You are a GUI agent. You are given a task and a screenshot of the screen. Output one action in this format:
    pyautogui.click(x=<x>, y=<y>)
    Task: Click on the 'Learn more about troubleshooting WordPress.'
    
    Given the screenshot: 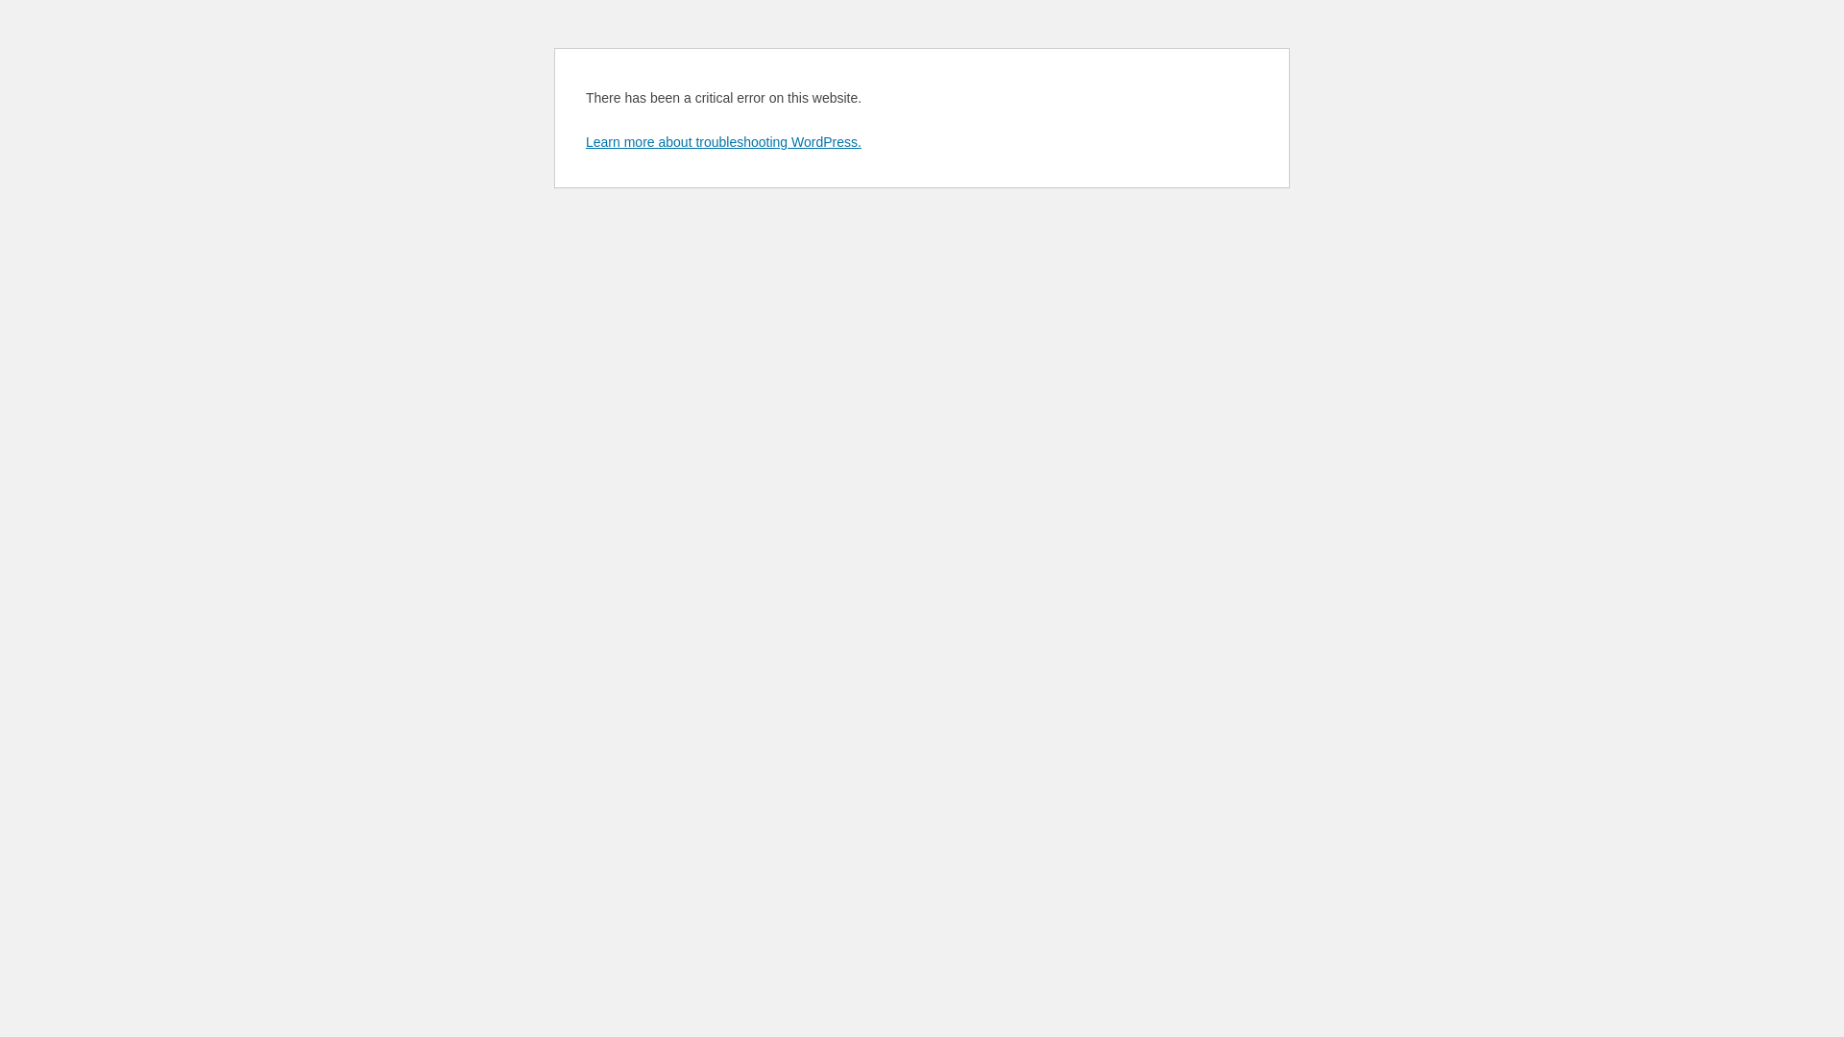 What is the action you would take?
    pyautogui.click(x=722, y=140)
    